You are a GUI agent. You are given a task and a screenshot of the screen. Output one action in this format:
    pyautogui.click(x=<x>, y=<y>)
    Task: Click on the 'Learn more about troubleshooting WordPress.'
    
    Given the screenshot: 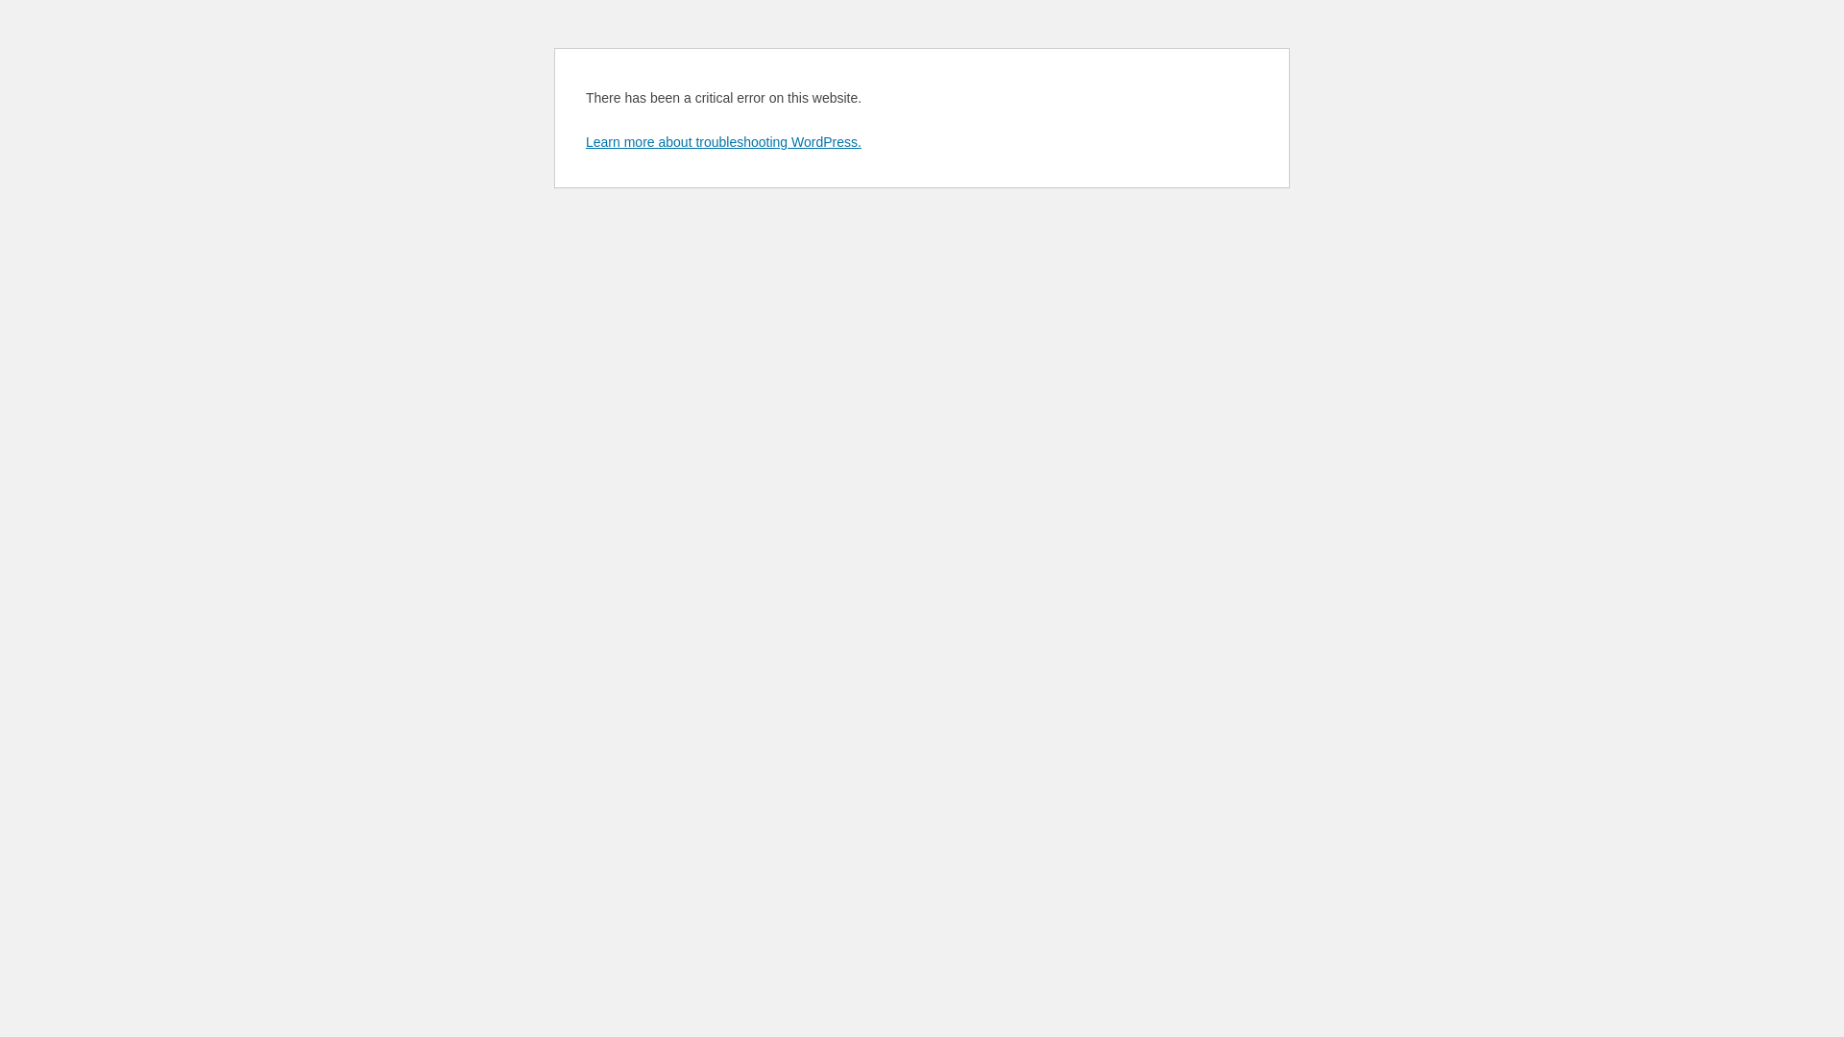 What is the action you would take?
    pyautogui.click(x=722, y=140)
    